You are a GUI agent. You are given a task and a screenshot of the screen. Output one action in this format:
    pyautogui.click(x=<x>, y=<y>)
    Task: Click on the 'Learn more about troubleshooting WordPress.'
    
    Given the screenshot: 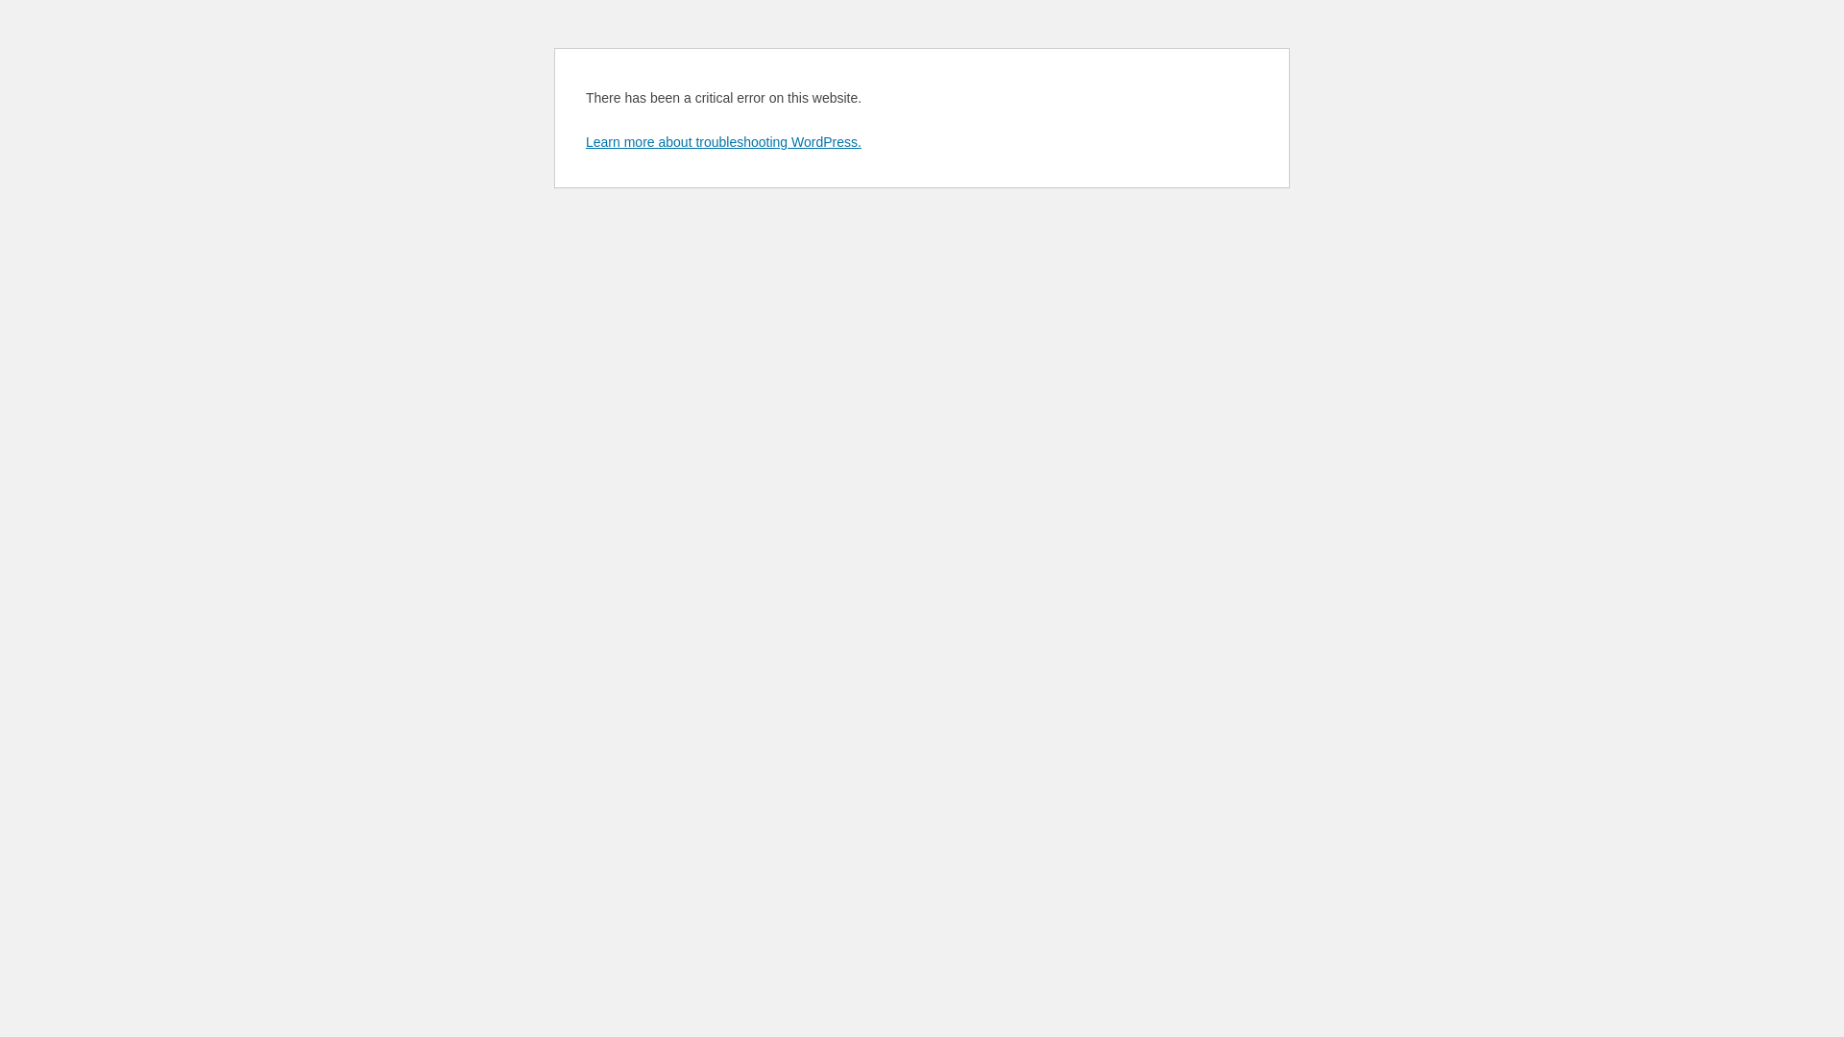 What is the action you would take?
    pyautogui.click(x=722, y=140)
    